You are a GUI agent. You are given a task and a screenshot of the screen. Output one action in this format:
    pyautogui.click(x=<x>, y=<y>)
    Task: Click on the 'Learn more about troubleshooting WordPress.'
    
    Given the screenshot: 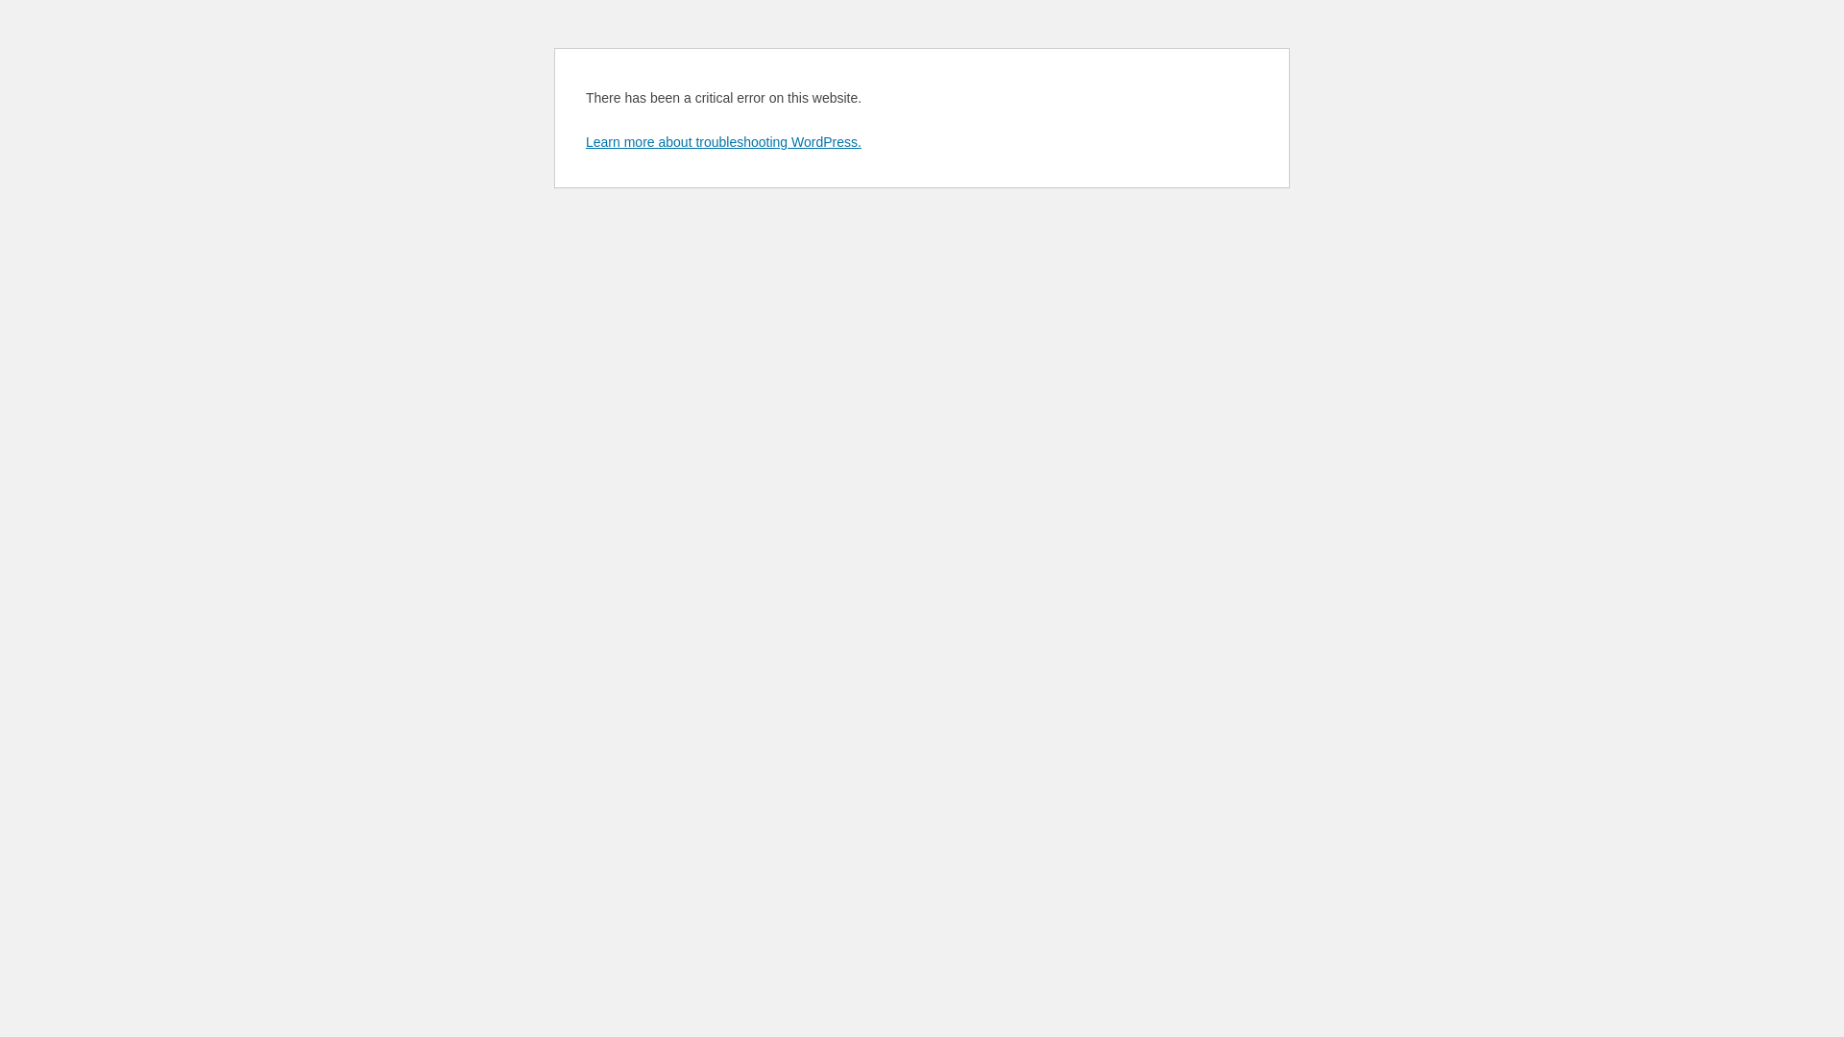 What is the action you would take?
    pyautogui.click(x=722, y=140)
    